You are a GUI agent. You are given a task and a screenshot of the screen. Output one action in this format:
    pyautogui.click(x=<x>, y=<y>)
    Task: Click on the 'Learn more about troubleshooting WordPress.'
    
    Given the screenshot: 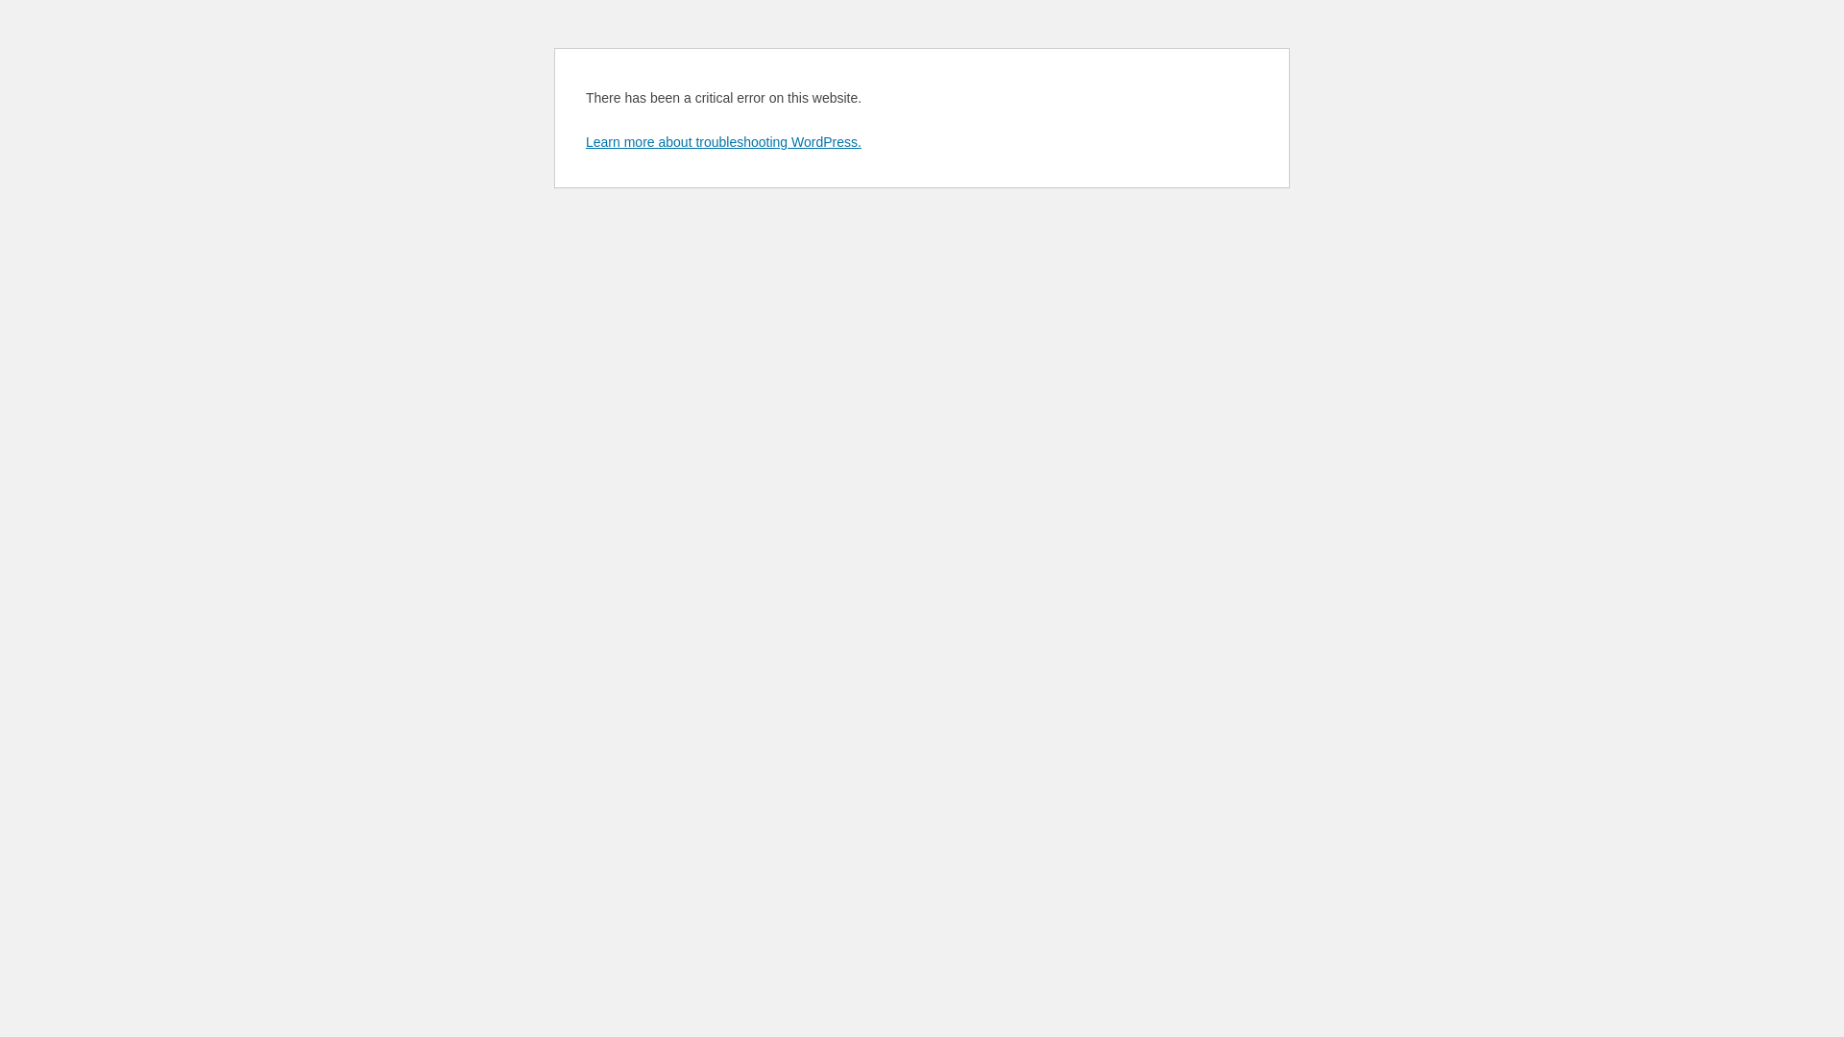 What is the action you would take?
    pyautogui.click(x=722, y=140)
    